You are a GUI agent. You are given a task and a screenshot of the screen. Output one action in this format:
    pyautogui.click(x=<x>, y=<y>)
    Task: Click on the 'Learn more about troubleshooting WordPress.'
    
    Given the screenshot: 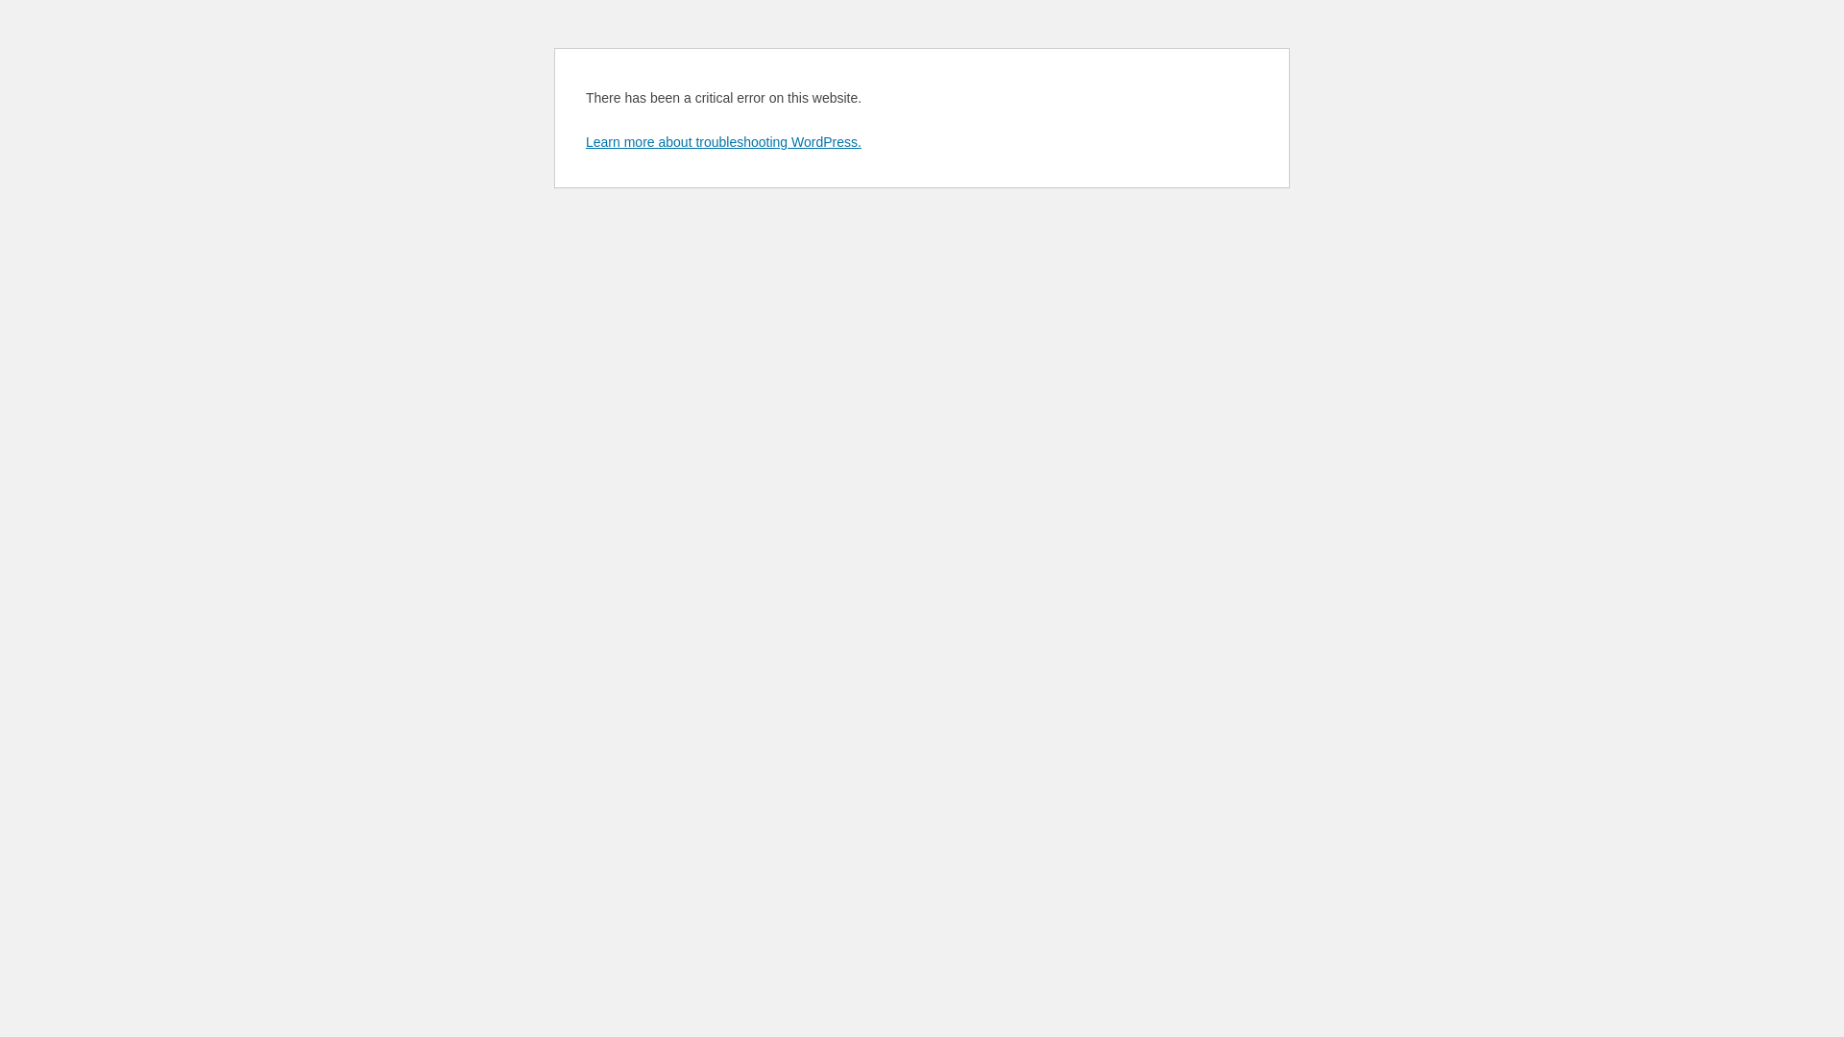 What is the action you would take?
    pyautogui.click(x=722, y=140)
    